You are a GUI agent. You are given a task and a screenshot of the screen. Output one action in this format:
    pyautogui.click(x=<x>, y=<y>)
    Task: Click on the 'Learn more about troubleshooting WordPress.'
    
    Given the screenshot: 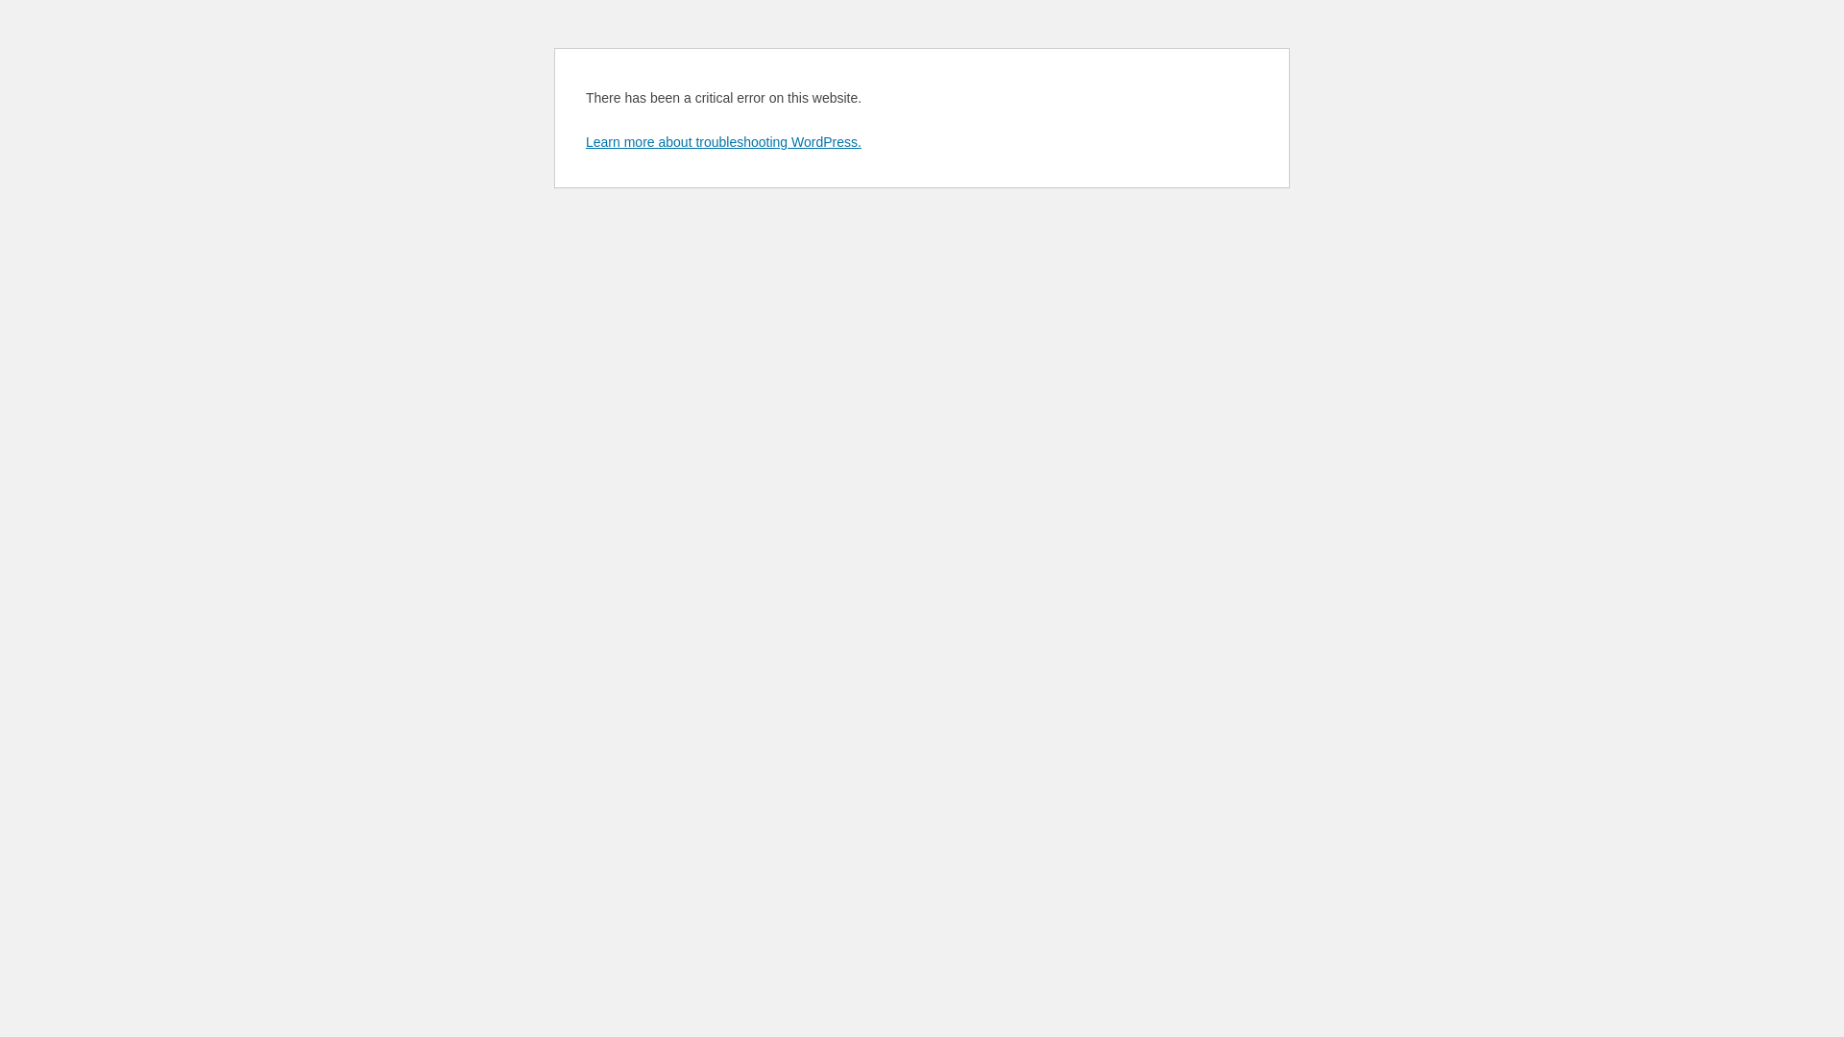 What is the action you would take?
    pyautogui.click(x=722, y=140)
    